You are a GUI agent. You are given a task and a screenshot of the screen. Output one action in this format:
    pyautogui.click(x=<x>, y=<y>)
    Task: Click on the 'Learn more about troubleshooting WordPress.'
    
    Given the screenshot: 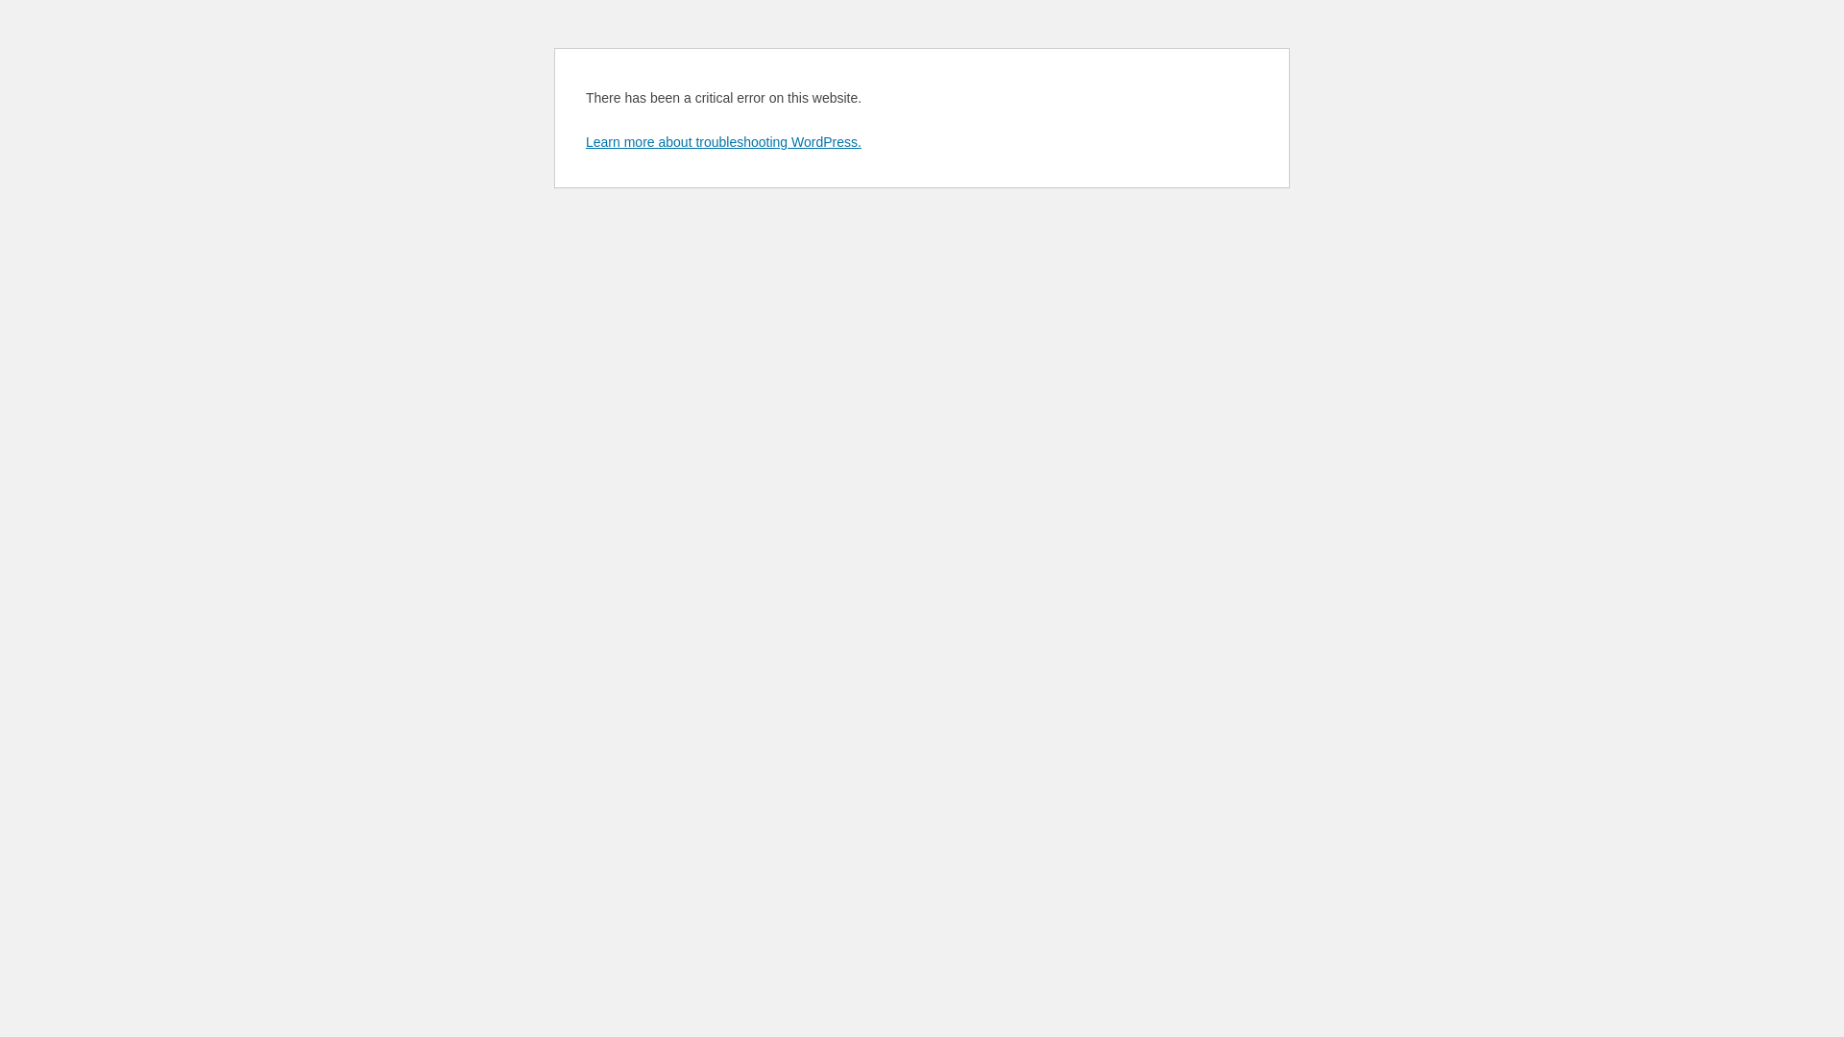 What is the action you would take?
    pyautogui.click(x=722, y=140)
    